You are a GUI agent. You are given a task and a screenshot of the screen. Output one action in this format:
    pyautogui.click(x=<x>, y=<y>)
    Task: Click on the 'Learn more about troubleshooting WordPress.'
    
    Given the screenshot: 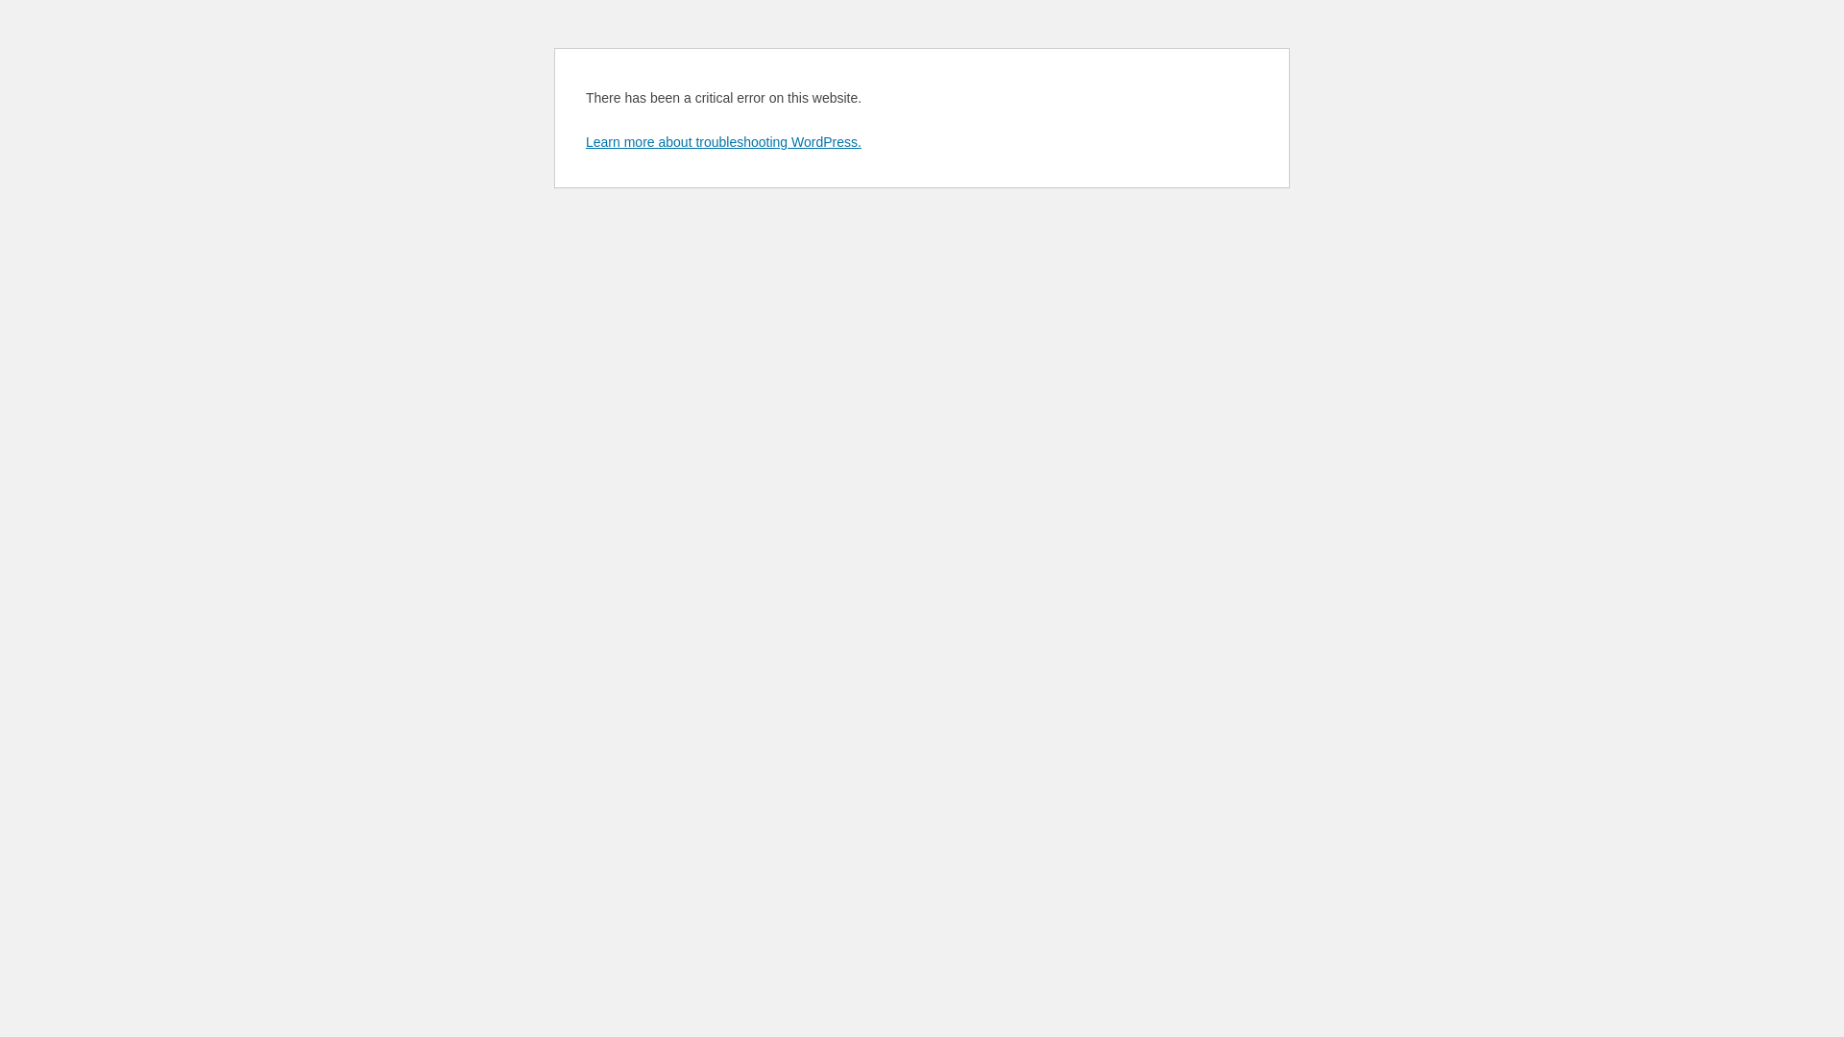 What is the action you would take?
    pyautogui.click(x=722, y=140)
    